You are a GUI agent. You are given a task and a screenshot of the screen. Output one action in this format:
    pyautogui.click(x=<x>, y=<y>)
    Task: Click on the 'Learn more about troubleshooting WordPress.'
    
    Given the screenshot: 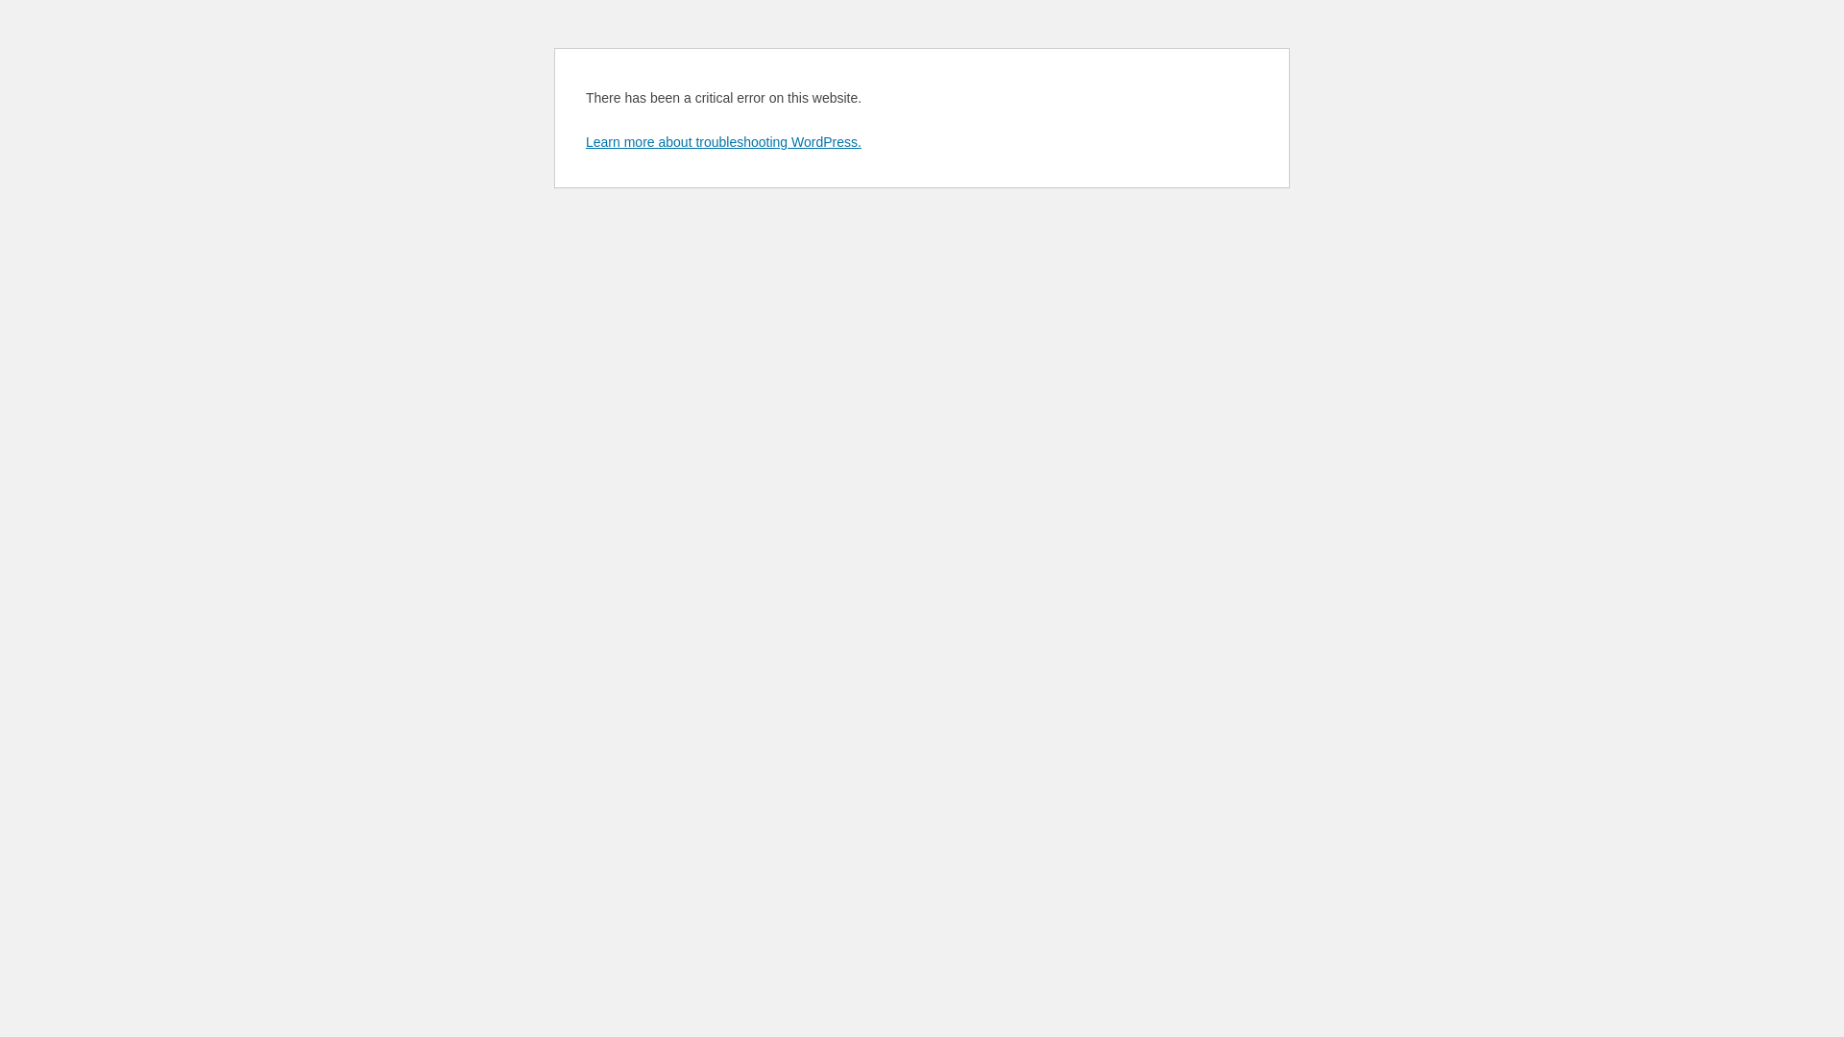 What is the action you would take?
    pyautogui.click(x=722, y=140)
    